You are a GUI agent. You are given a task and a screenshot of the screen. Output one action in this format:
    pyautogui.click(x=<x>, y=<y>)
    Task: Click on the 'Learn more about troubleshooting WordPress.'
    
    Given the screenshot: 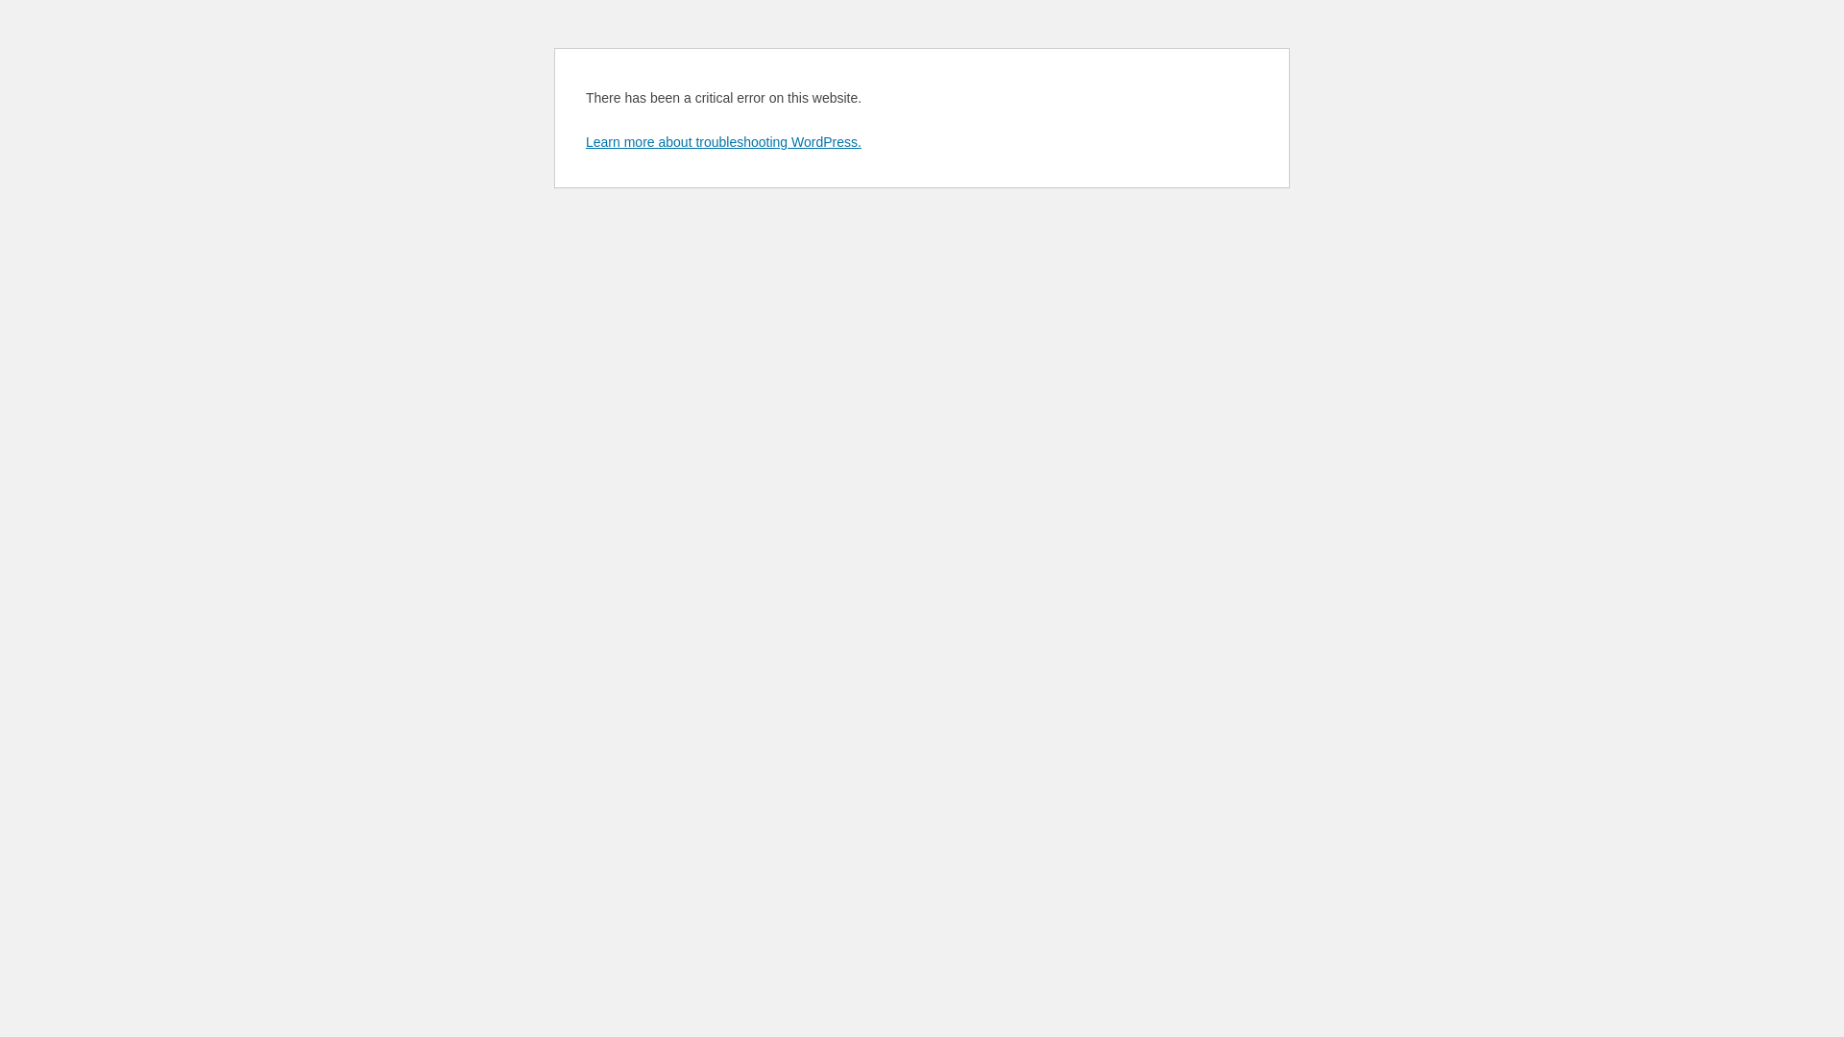 What is the action you would take?
    pyautogui.click(x=722, y=140)
    